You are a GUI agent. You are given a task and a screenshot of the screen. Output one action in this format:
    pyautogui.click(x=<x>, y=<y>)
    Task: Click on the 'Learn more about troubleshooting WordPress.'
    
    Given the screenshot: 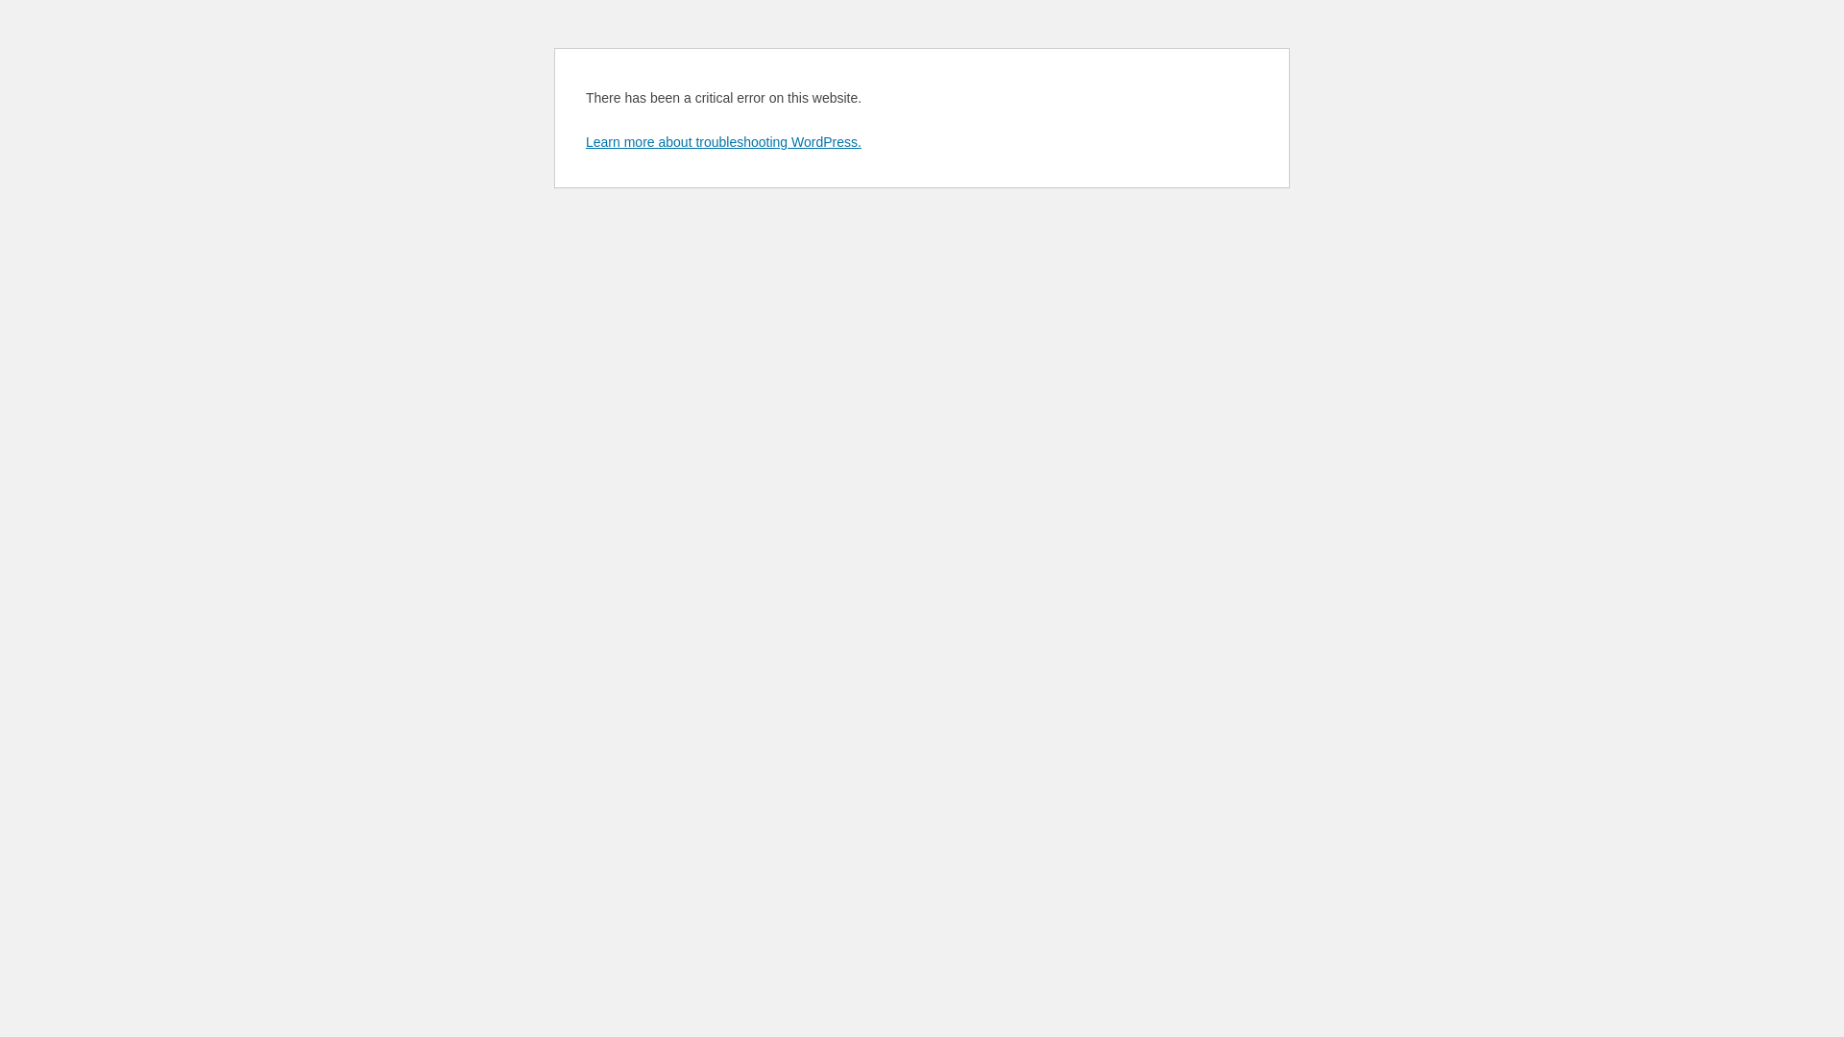 What is the action you would take?
    pyautogui.click(x=722, y=140)
    